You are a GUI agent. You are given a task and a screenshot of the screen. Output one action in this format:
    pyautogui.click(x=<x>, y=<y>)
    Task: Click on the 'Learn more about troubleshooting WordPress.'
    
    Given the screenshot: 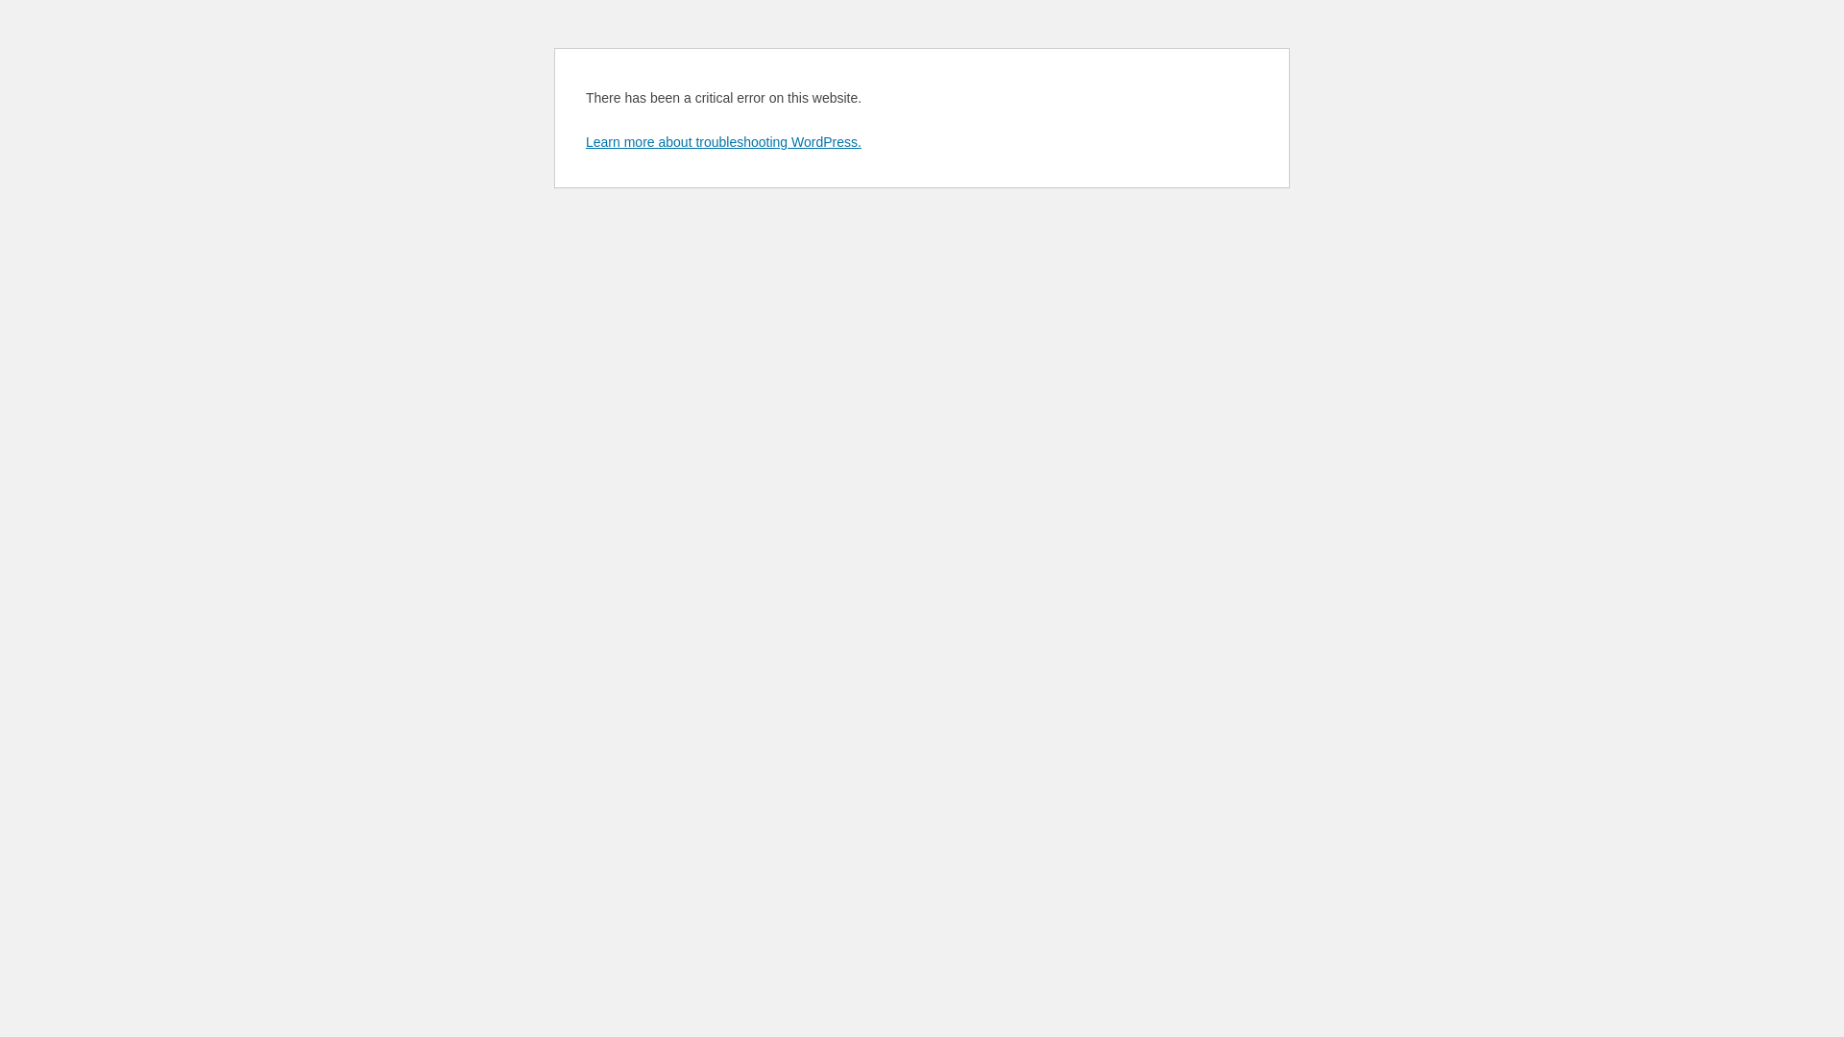 What is the action you would take?
    pyautogui.click(x=722, y=140)
    